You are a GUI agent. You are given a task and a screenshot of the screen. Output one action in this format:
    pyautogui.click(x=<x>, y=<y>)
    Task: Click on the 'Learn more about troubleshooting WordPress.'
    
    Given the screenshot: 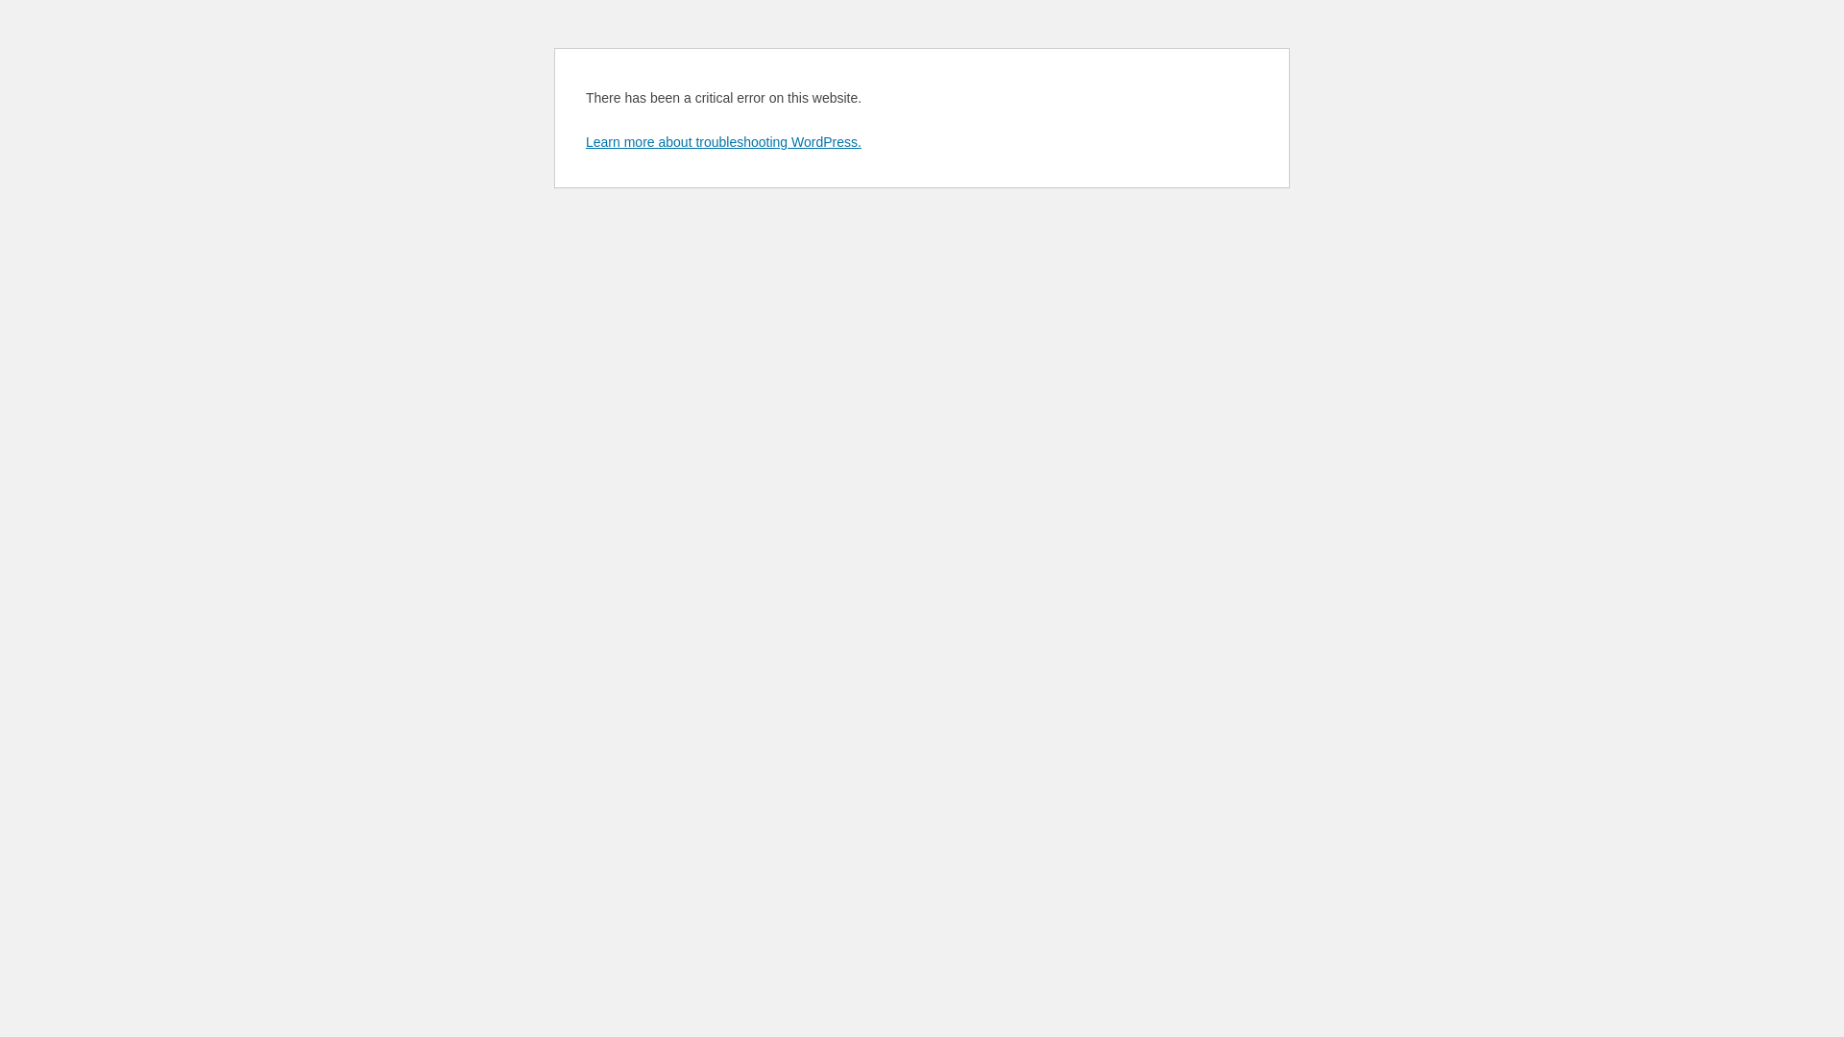 What is the action you would take?
    pyautogui.click(x=722, y=140)
    